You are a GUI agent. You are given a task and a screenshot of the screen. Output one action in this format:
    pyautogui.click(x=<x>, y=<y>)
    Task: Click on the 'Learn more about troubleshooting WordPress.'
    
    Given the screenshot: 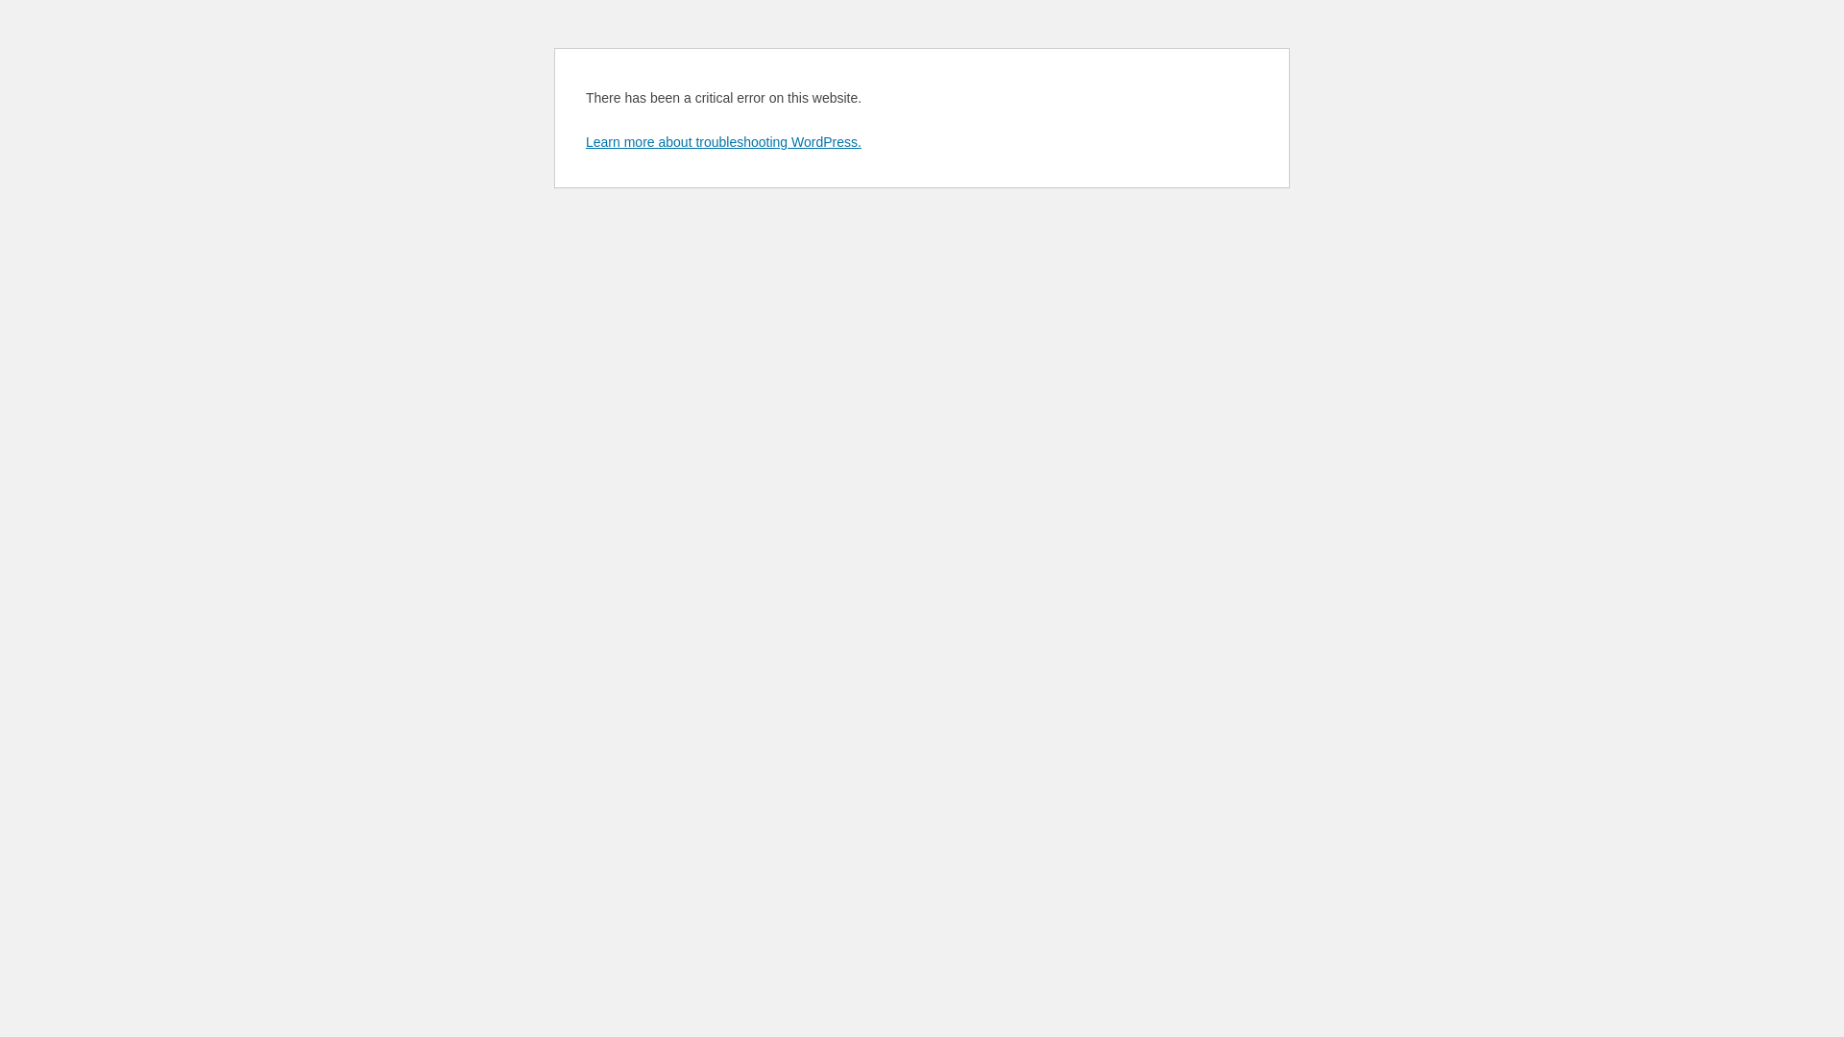 What is the action you would take?
    pyautogui.click(x=722, y=140)
    